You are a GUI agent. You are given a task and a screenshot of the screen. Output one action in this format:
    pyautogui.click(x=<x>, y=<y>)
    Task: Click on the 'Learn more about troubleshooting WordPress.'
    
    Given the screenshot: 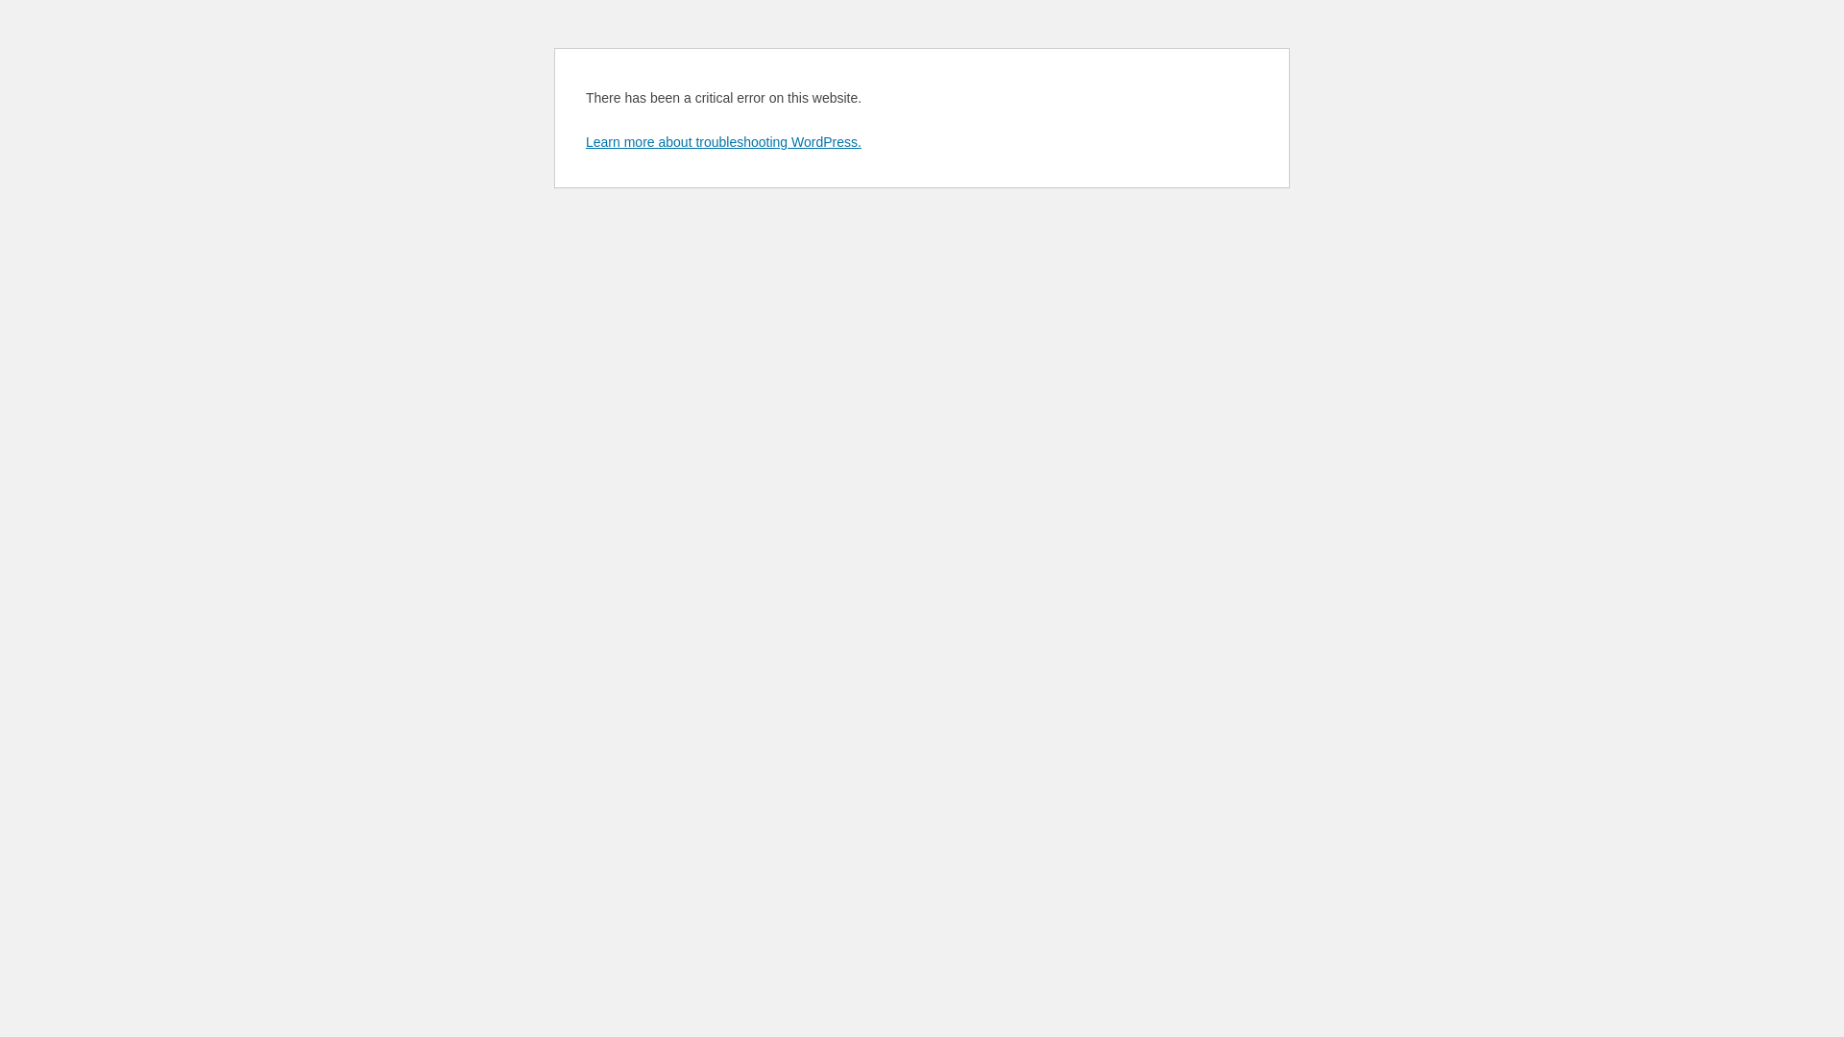 What is the action you would take?
    pyautogui.click(x=722, y=140)
    